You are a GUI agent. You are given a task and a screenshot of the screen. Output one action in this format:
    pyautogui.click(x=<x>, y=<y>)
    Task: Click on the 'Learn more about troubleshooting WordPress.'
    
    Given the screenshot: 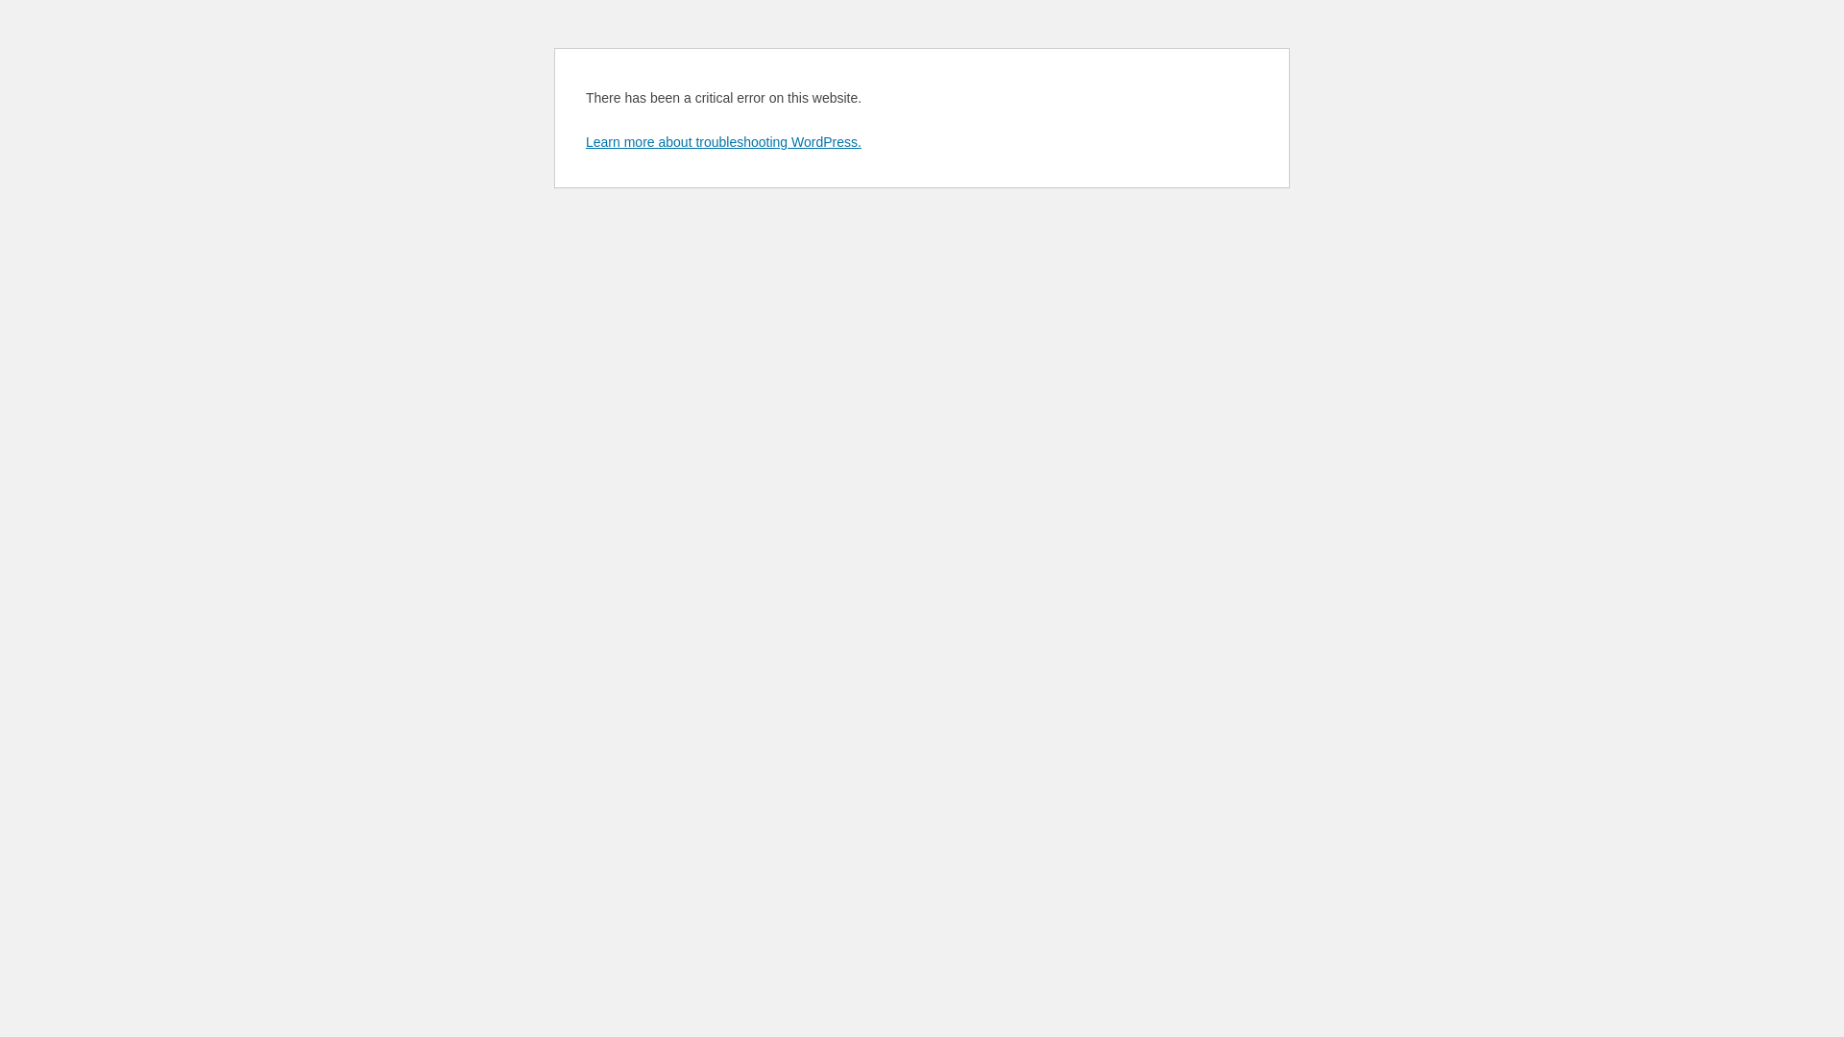 What is the action you would take?
    pyautogui.click(x=722, y=140)
    